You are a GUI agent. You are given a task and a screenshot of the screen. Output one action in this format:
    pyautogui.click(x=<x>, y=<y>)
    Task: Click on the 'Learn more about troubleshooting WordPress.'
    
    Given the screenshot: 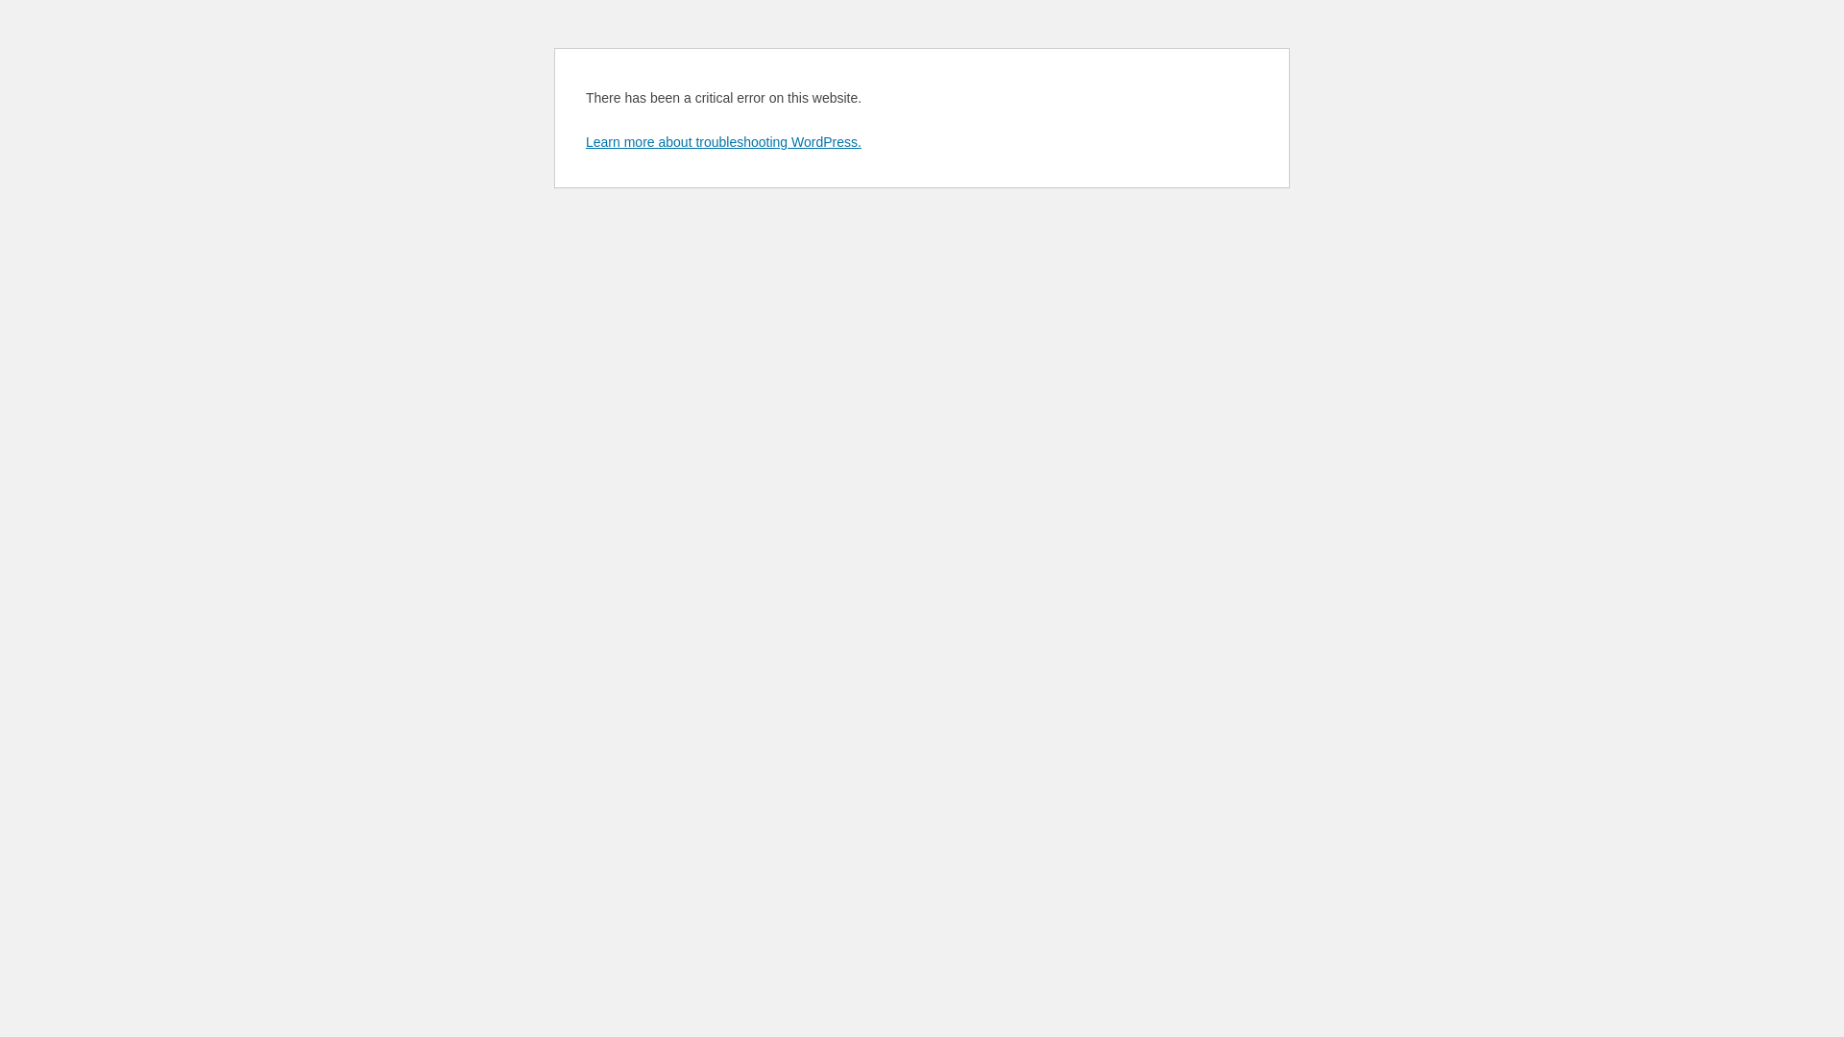 What is the action you would take?
    pyautogui.click(x=722, y=140)
    